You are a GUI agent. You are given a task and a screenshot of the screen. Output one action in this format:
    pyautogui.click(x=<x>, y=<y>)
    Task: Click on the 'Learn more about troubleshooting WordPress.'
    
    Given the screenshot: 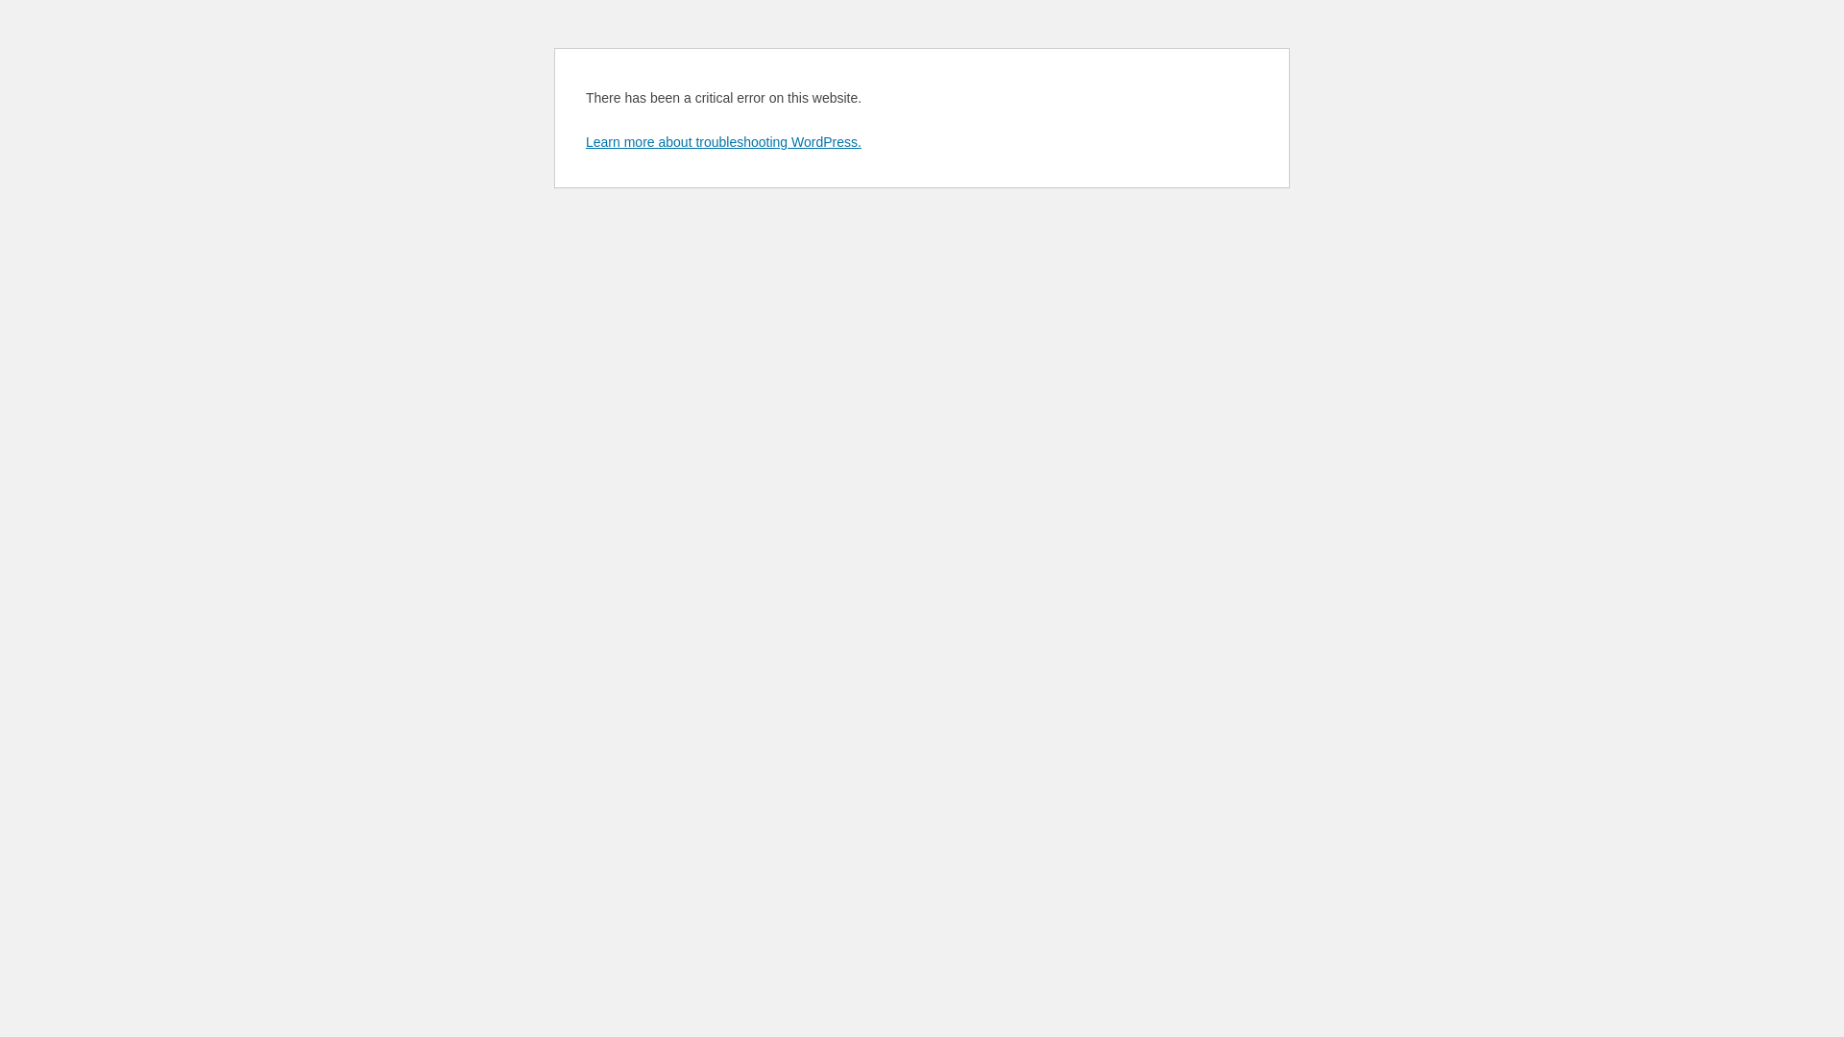 What is the action you would take?
    pyautogui.click(x=722, y=140)
    